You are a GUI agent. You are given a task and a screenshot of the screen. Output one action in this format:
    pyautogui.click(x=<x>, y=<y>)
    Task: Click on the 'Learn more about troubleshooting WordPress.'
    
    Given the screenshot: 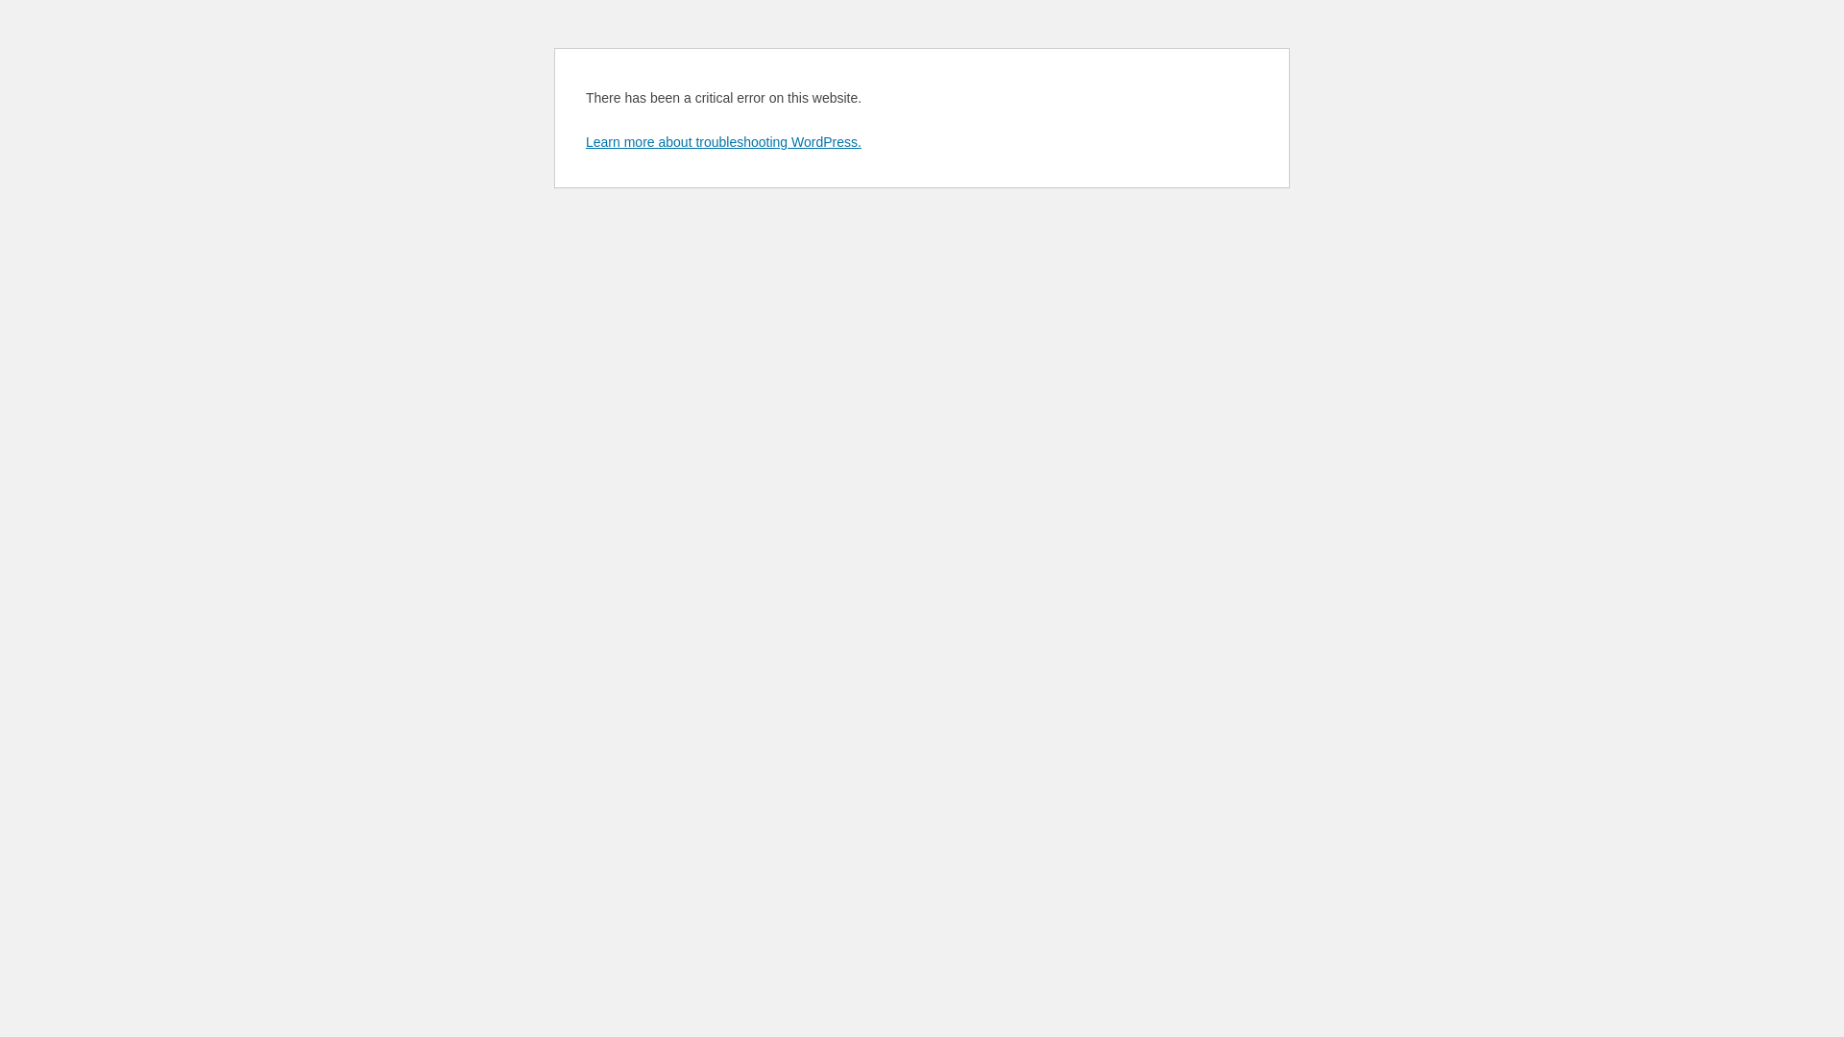 What is the action you would take?
    pyautogui.click(x=722, y=140)
    